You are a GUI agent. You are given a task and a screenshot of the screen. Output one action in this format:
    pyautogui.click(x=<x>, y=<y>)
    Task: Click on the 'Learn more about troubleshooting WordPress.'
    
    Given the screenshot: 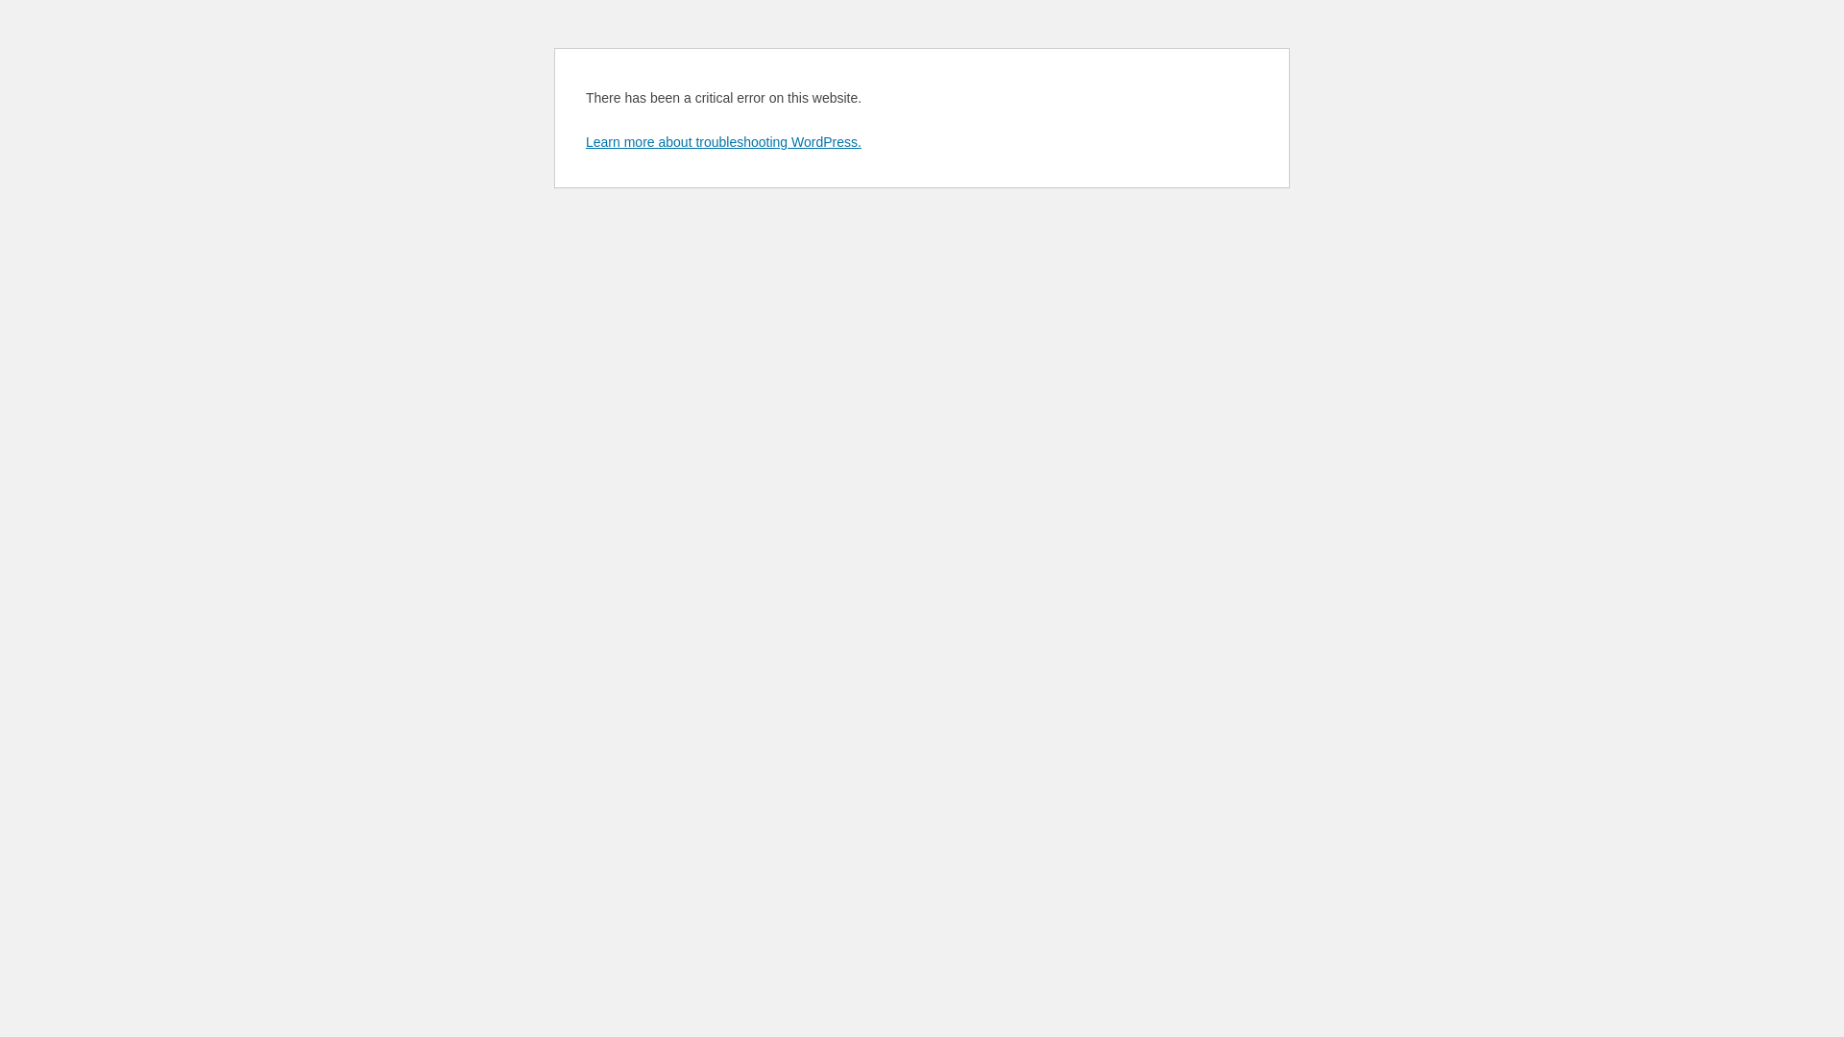 What is the action you would take?
    pyautogui.click(x=722, y=140)
    